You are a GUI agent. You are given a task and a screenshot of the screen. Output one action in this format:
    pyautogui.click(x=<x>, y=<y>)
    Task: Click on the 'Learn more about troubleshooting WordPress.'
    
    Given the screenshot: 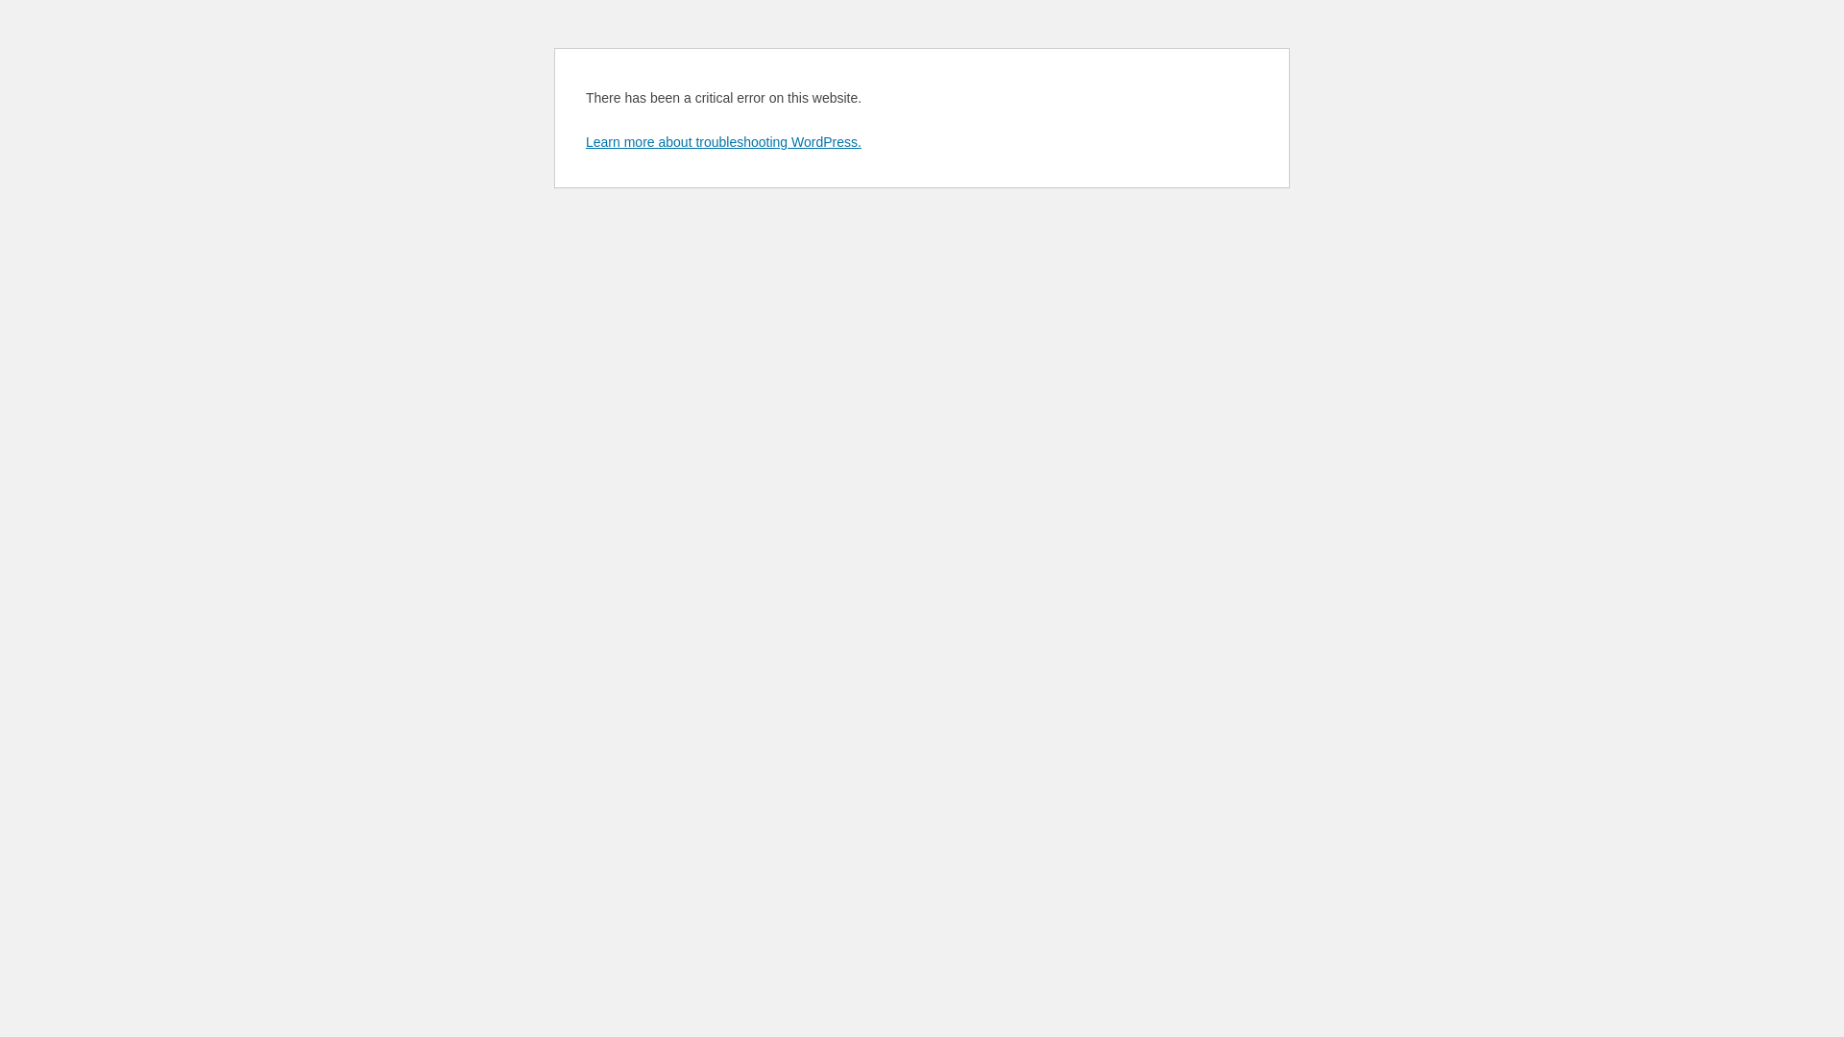 What is the action you would take?
    pyautogui.click(x=722, y=140)
    